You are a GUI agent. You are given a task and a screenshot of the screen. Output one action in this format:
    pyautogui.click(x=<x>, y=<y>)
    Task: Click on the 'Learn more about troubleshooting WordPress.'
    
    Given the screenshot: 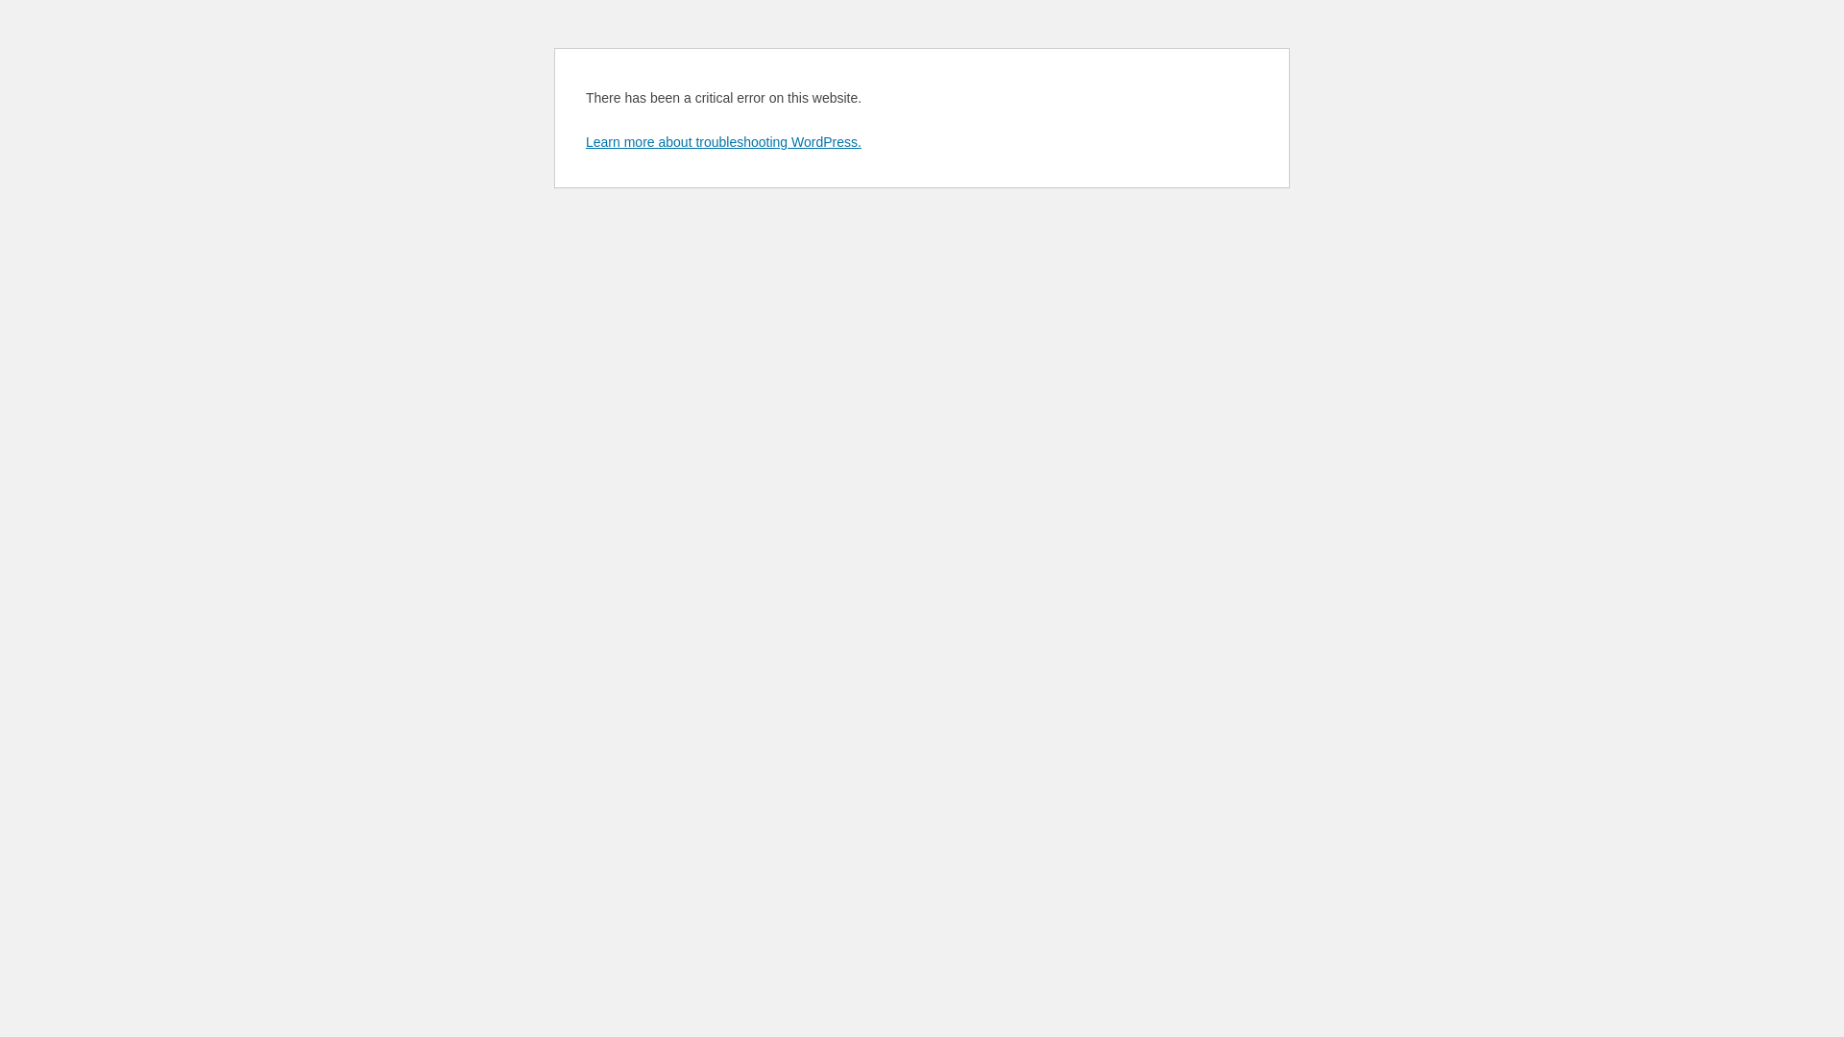 What is the action you would take?
    pyautogui.click(x=722, y=140)
    